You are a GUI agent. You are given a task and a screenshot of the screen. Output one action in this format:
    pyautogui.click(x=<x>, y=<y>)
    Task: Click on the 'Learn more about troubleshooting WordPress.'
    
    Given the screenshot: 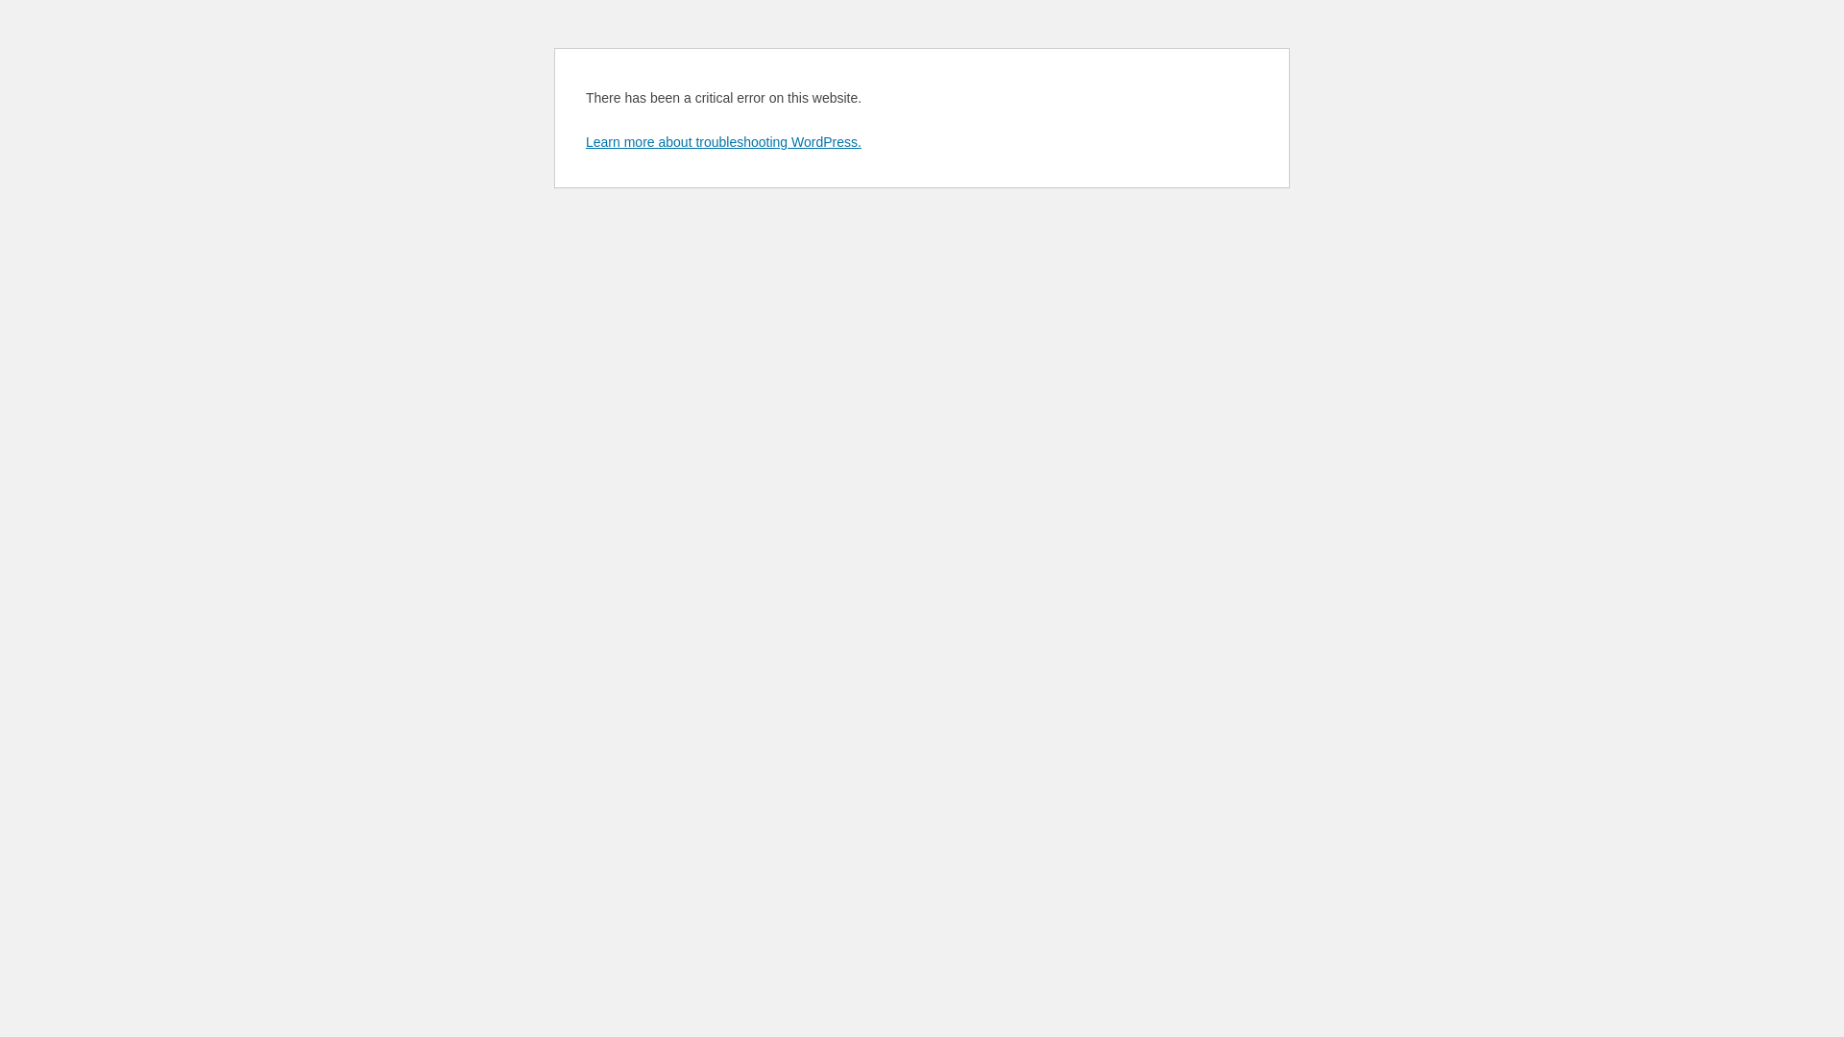 What is the action you would take?
    pyautogui.click(x=722, y=140)
    